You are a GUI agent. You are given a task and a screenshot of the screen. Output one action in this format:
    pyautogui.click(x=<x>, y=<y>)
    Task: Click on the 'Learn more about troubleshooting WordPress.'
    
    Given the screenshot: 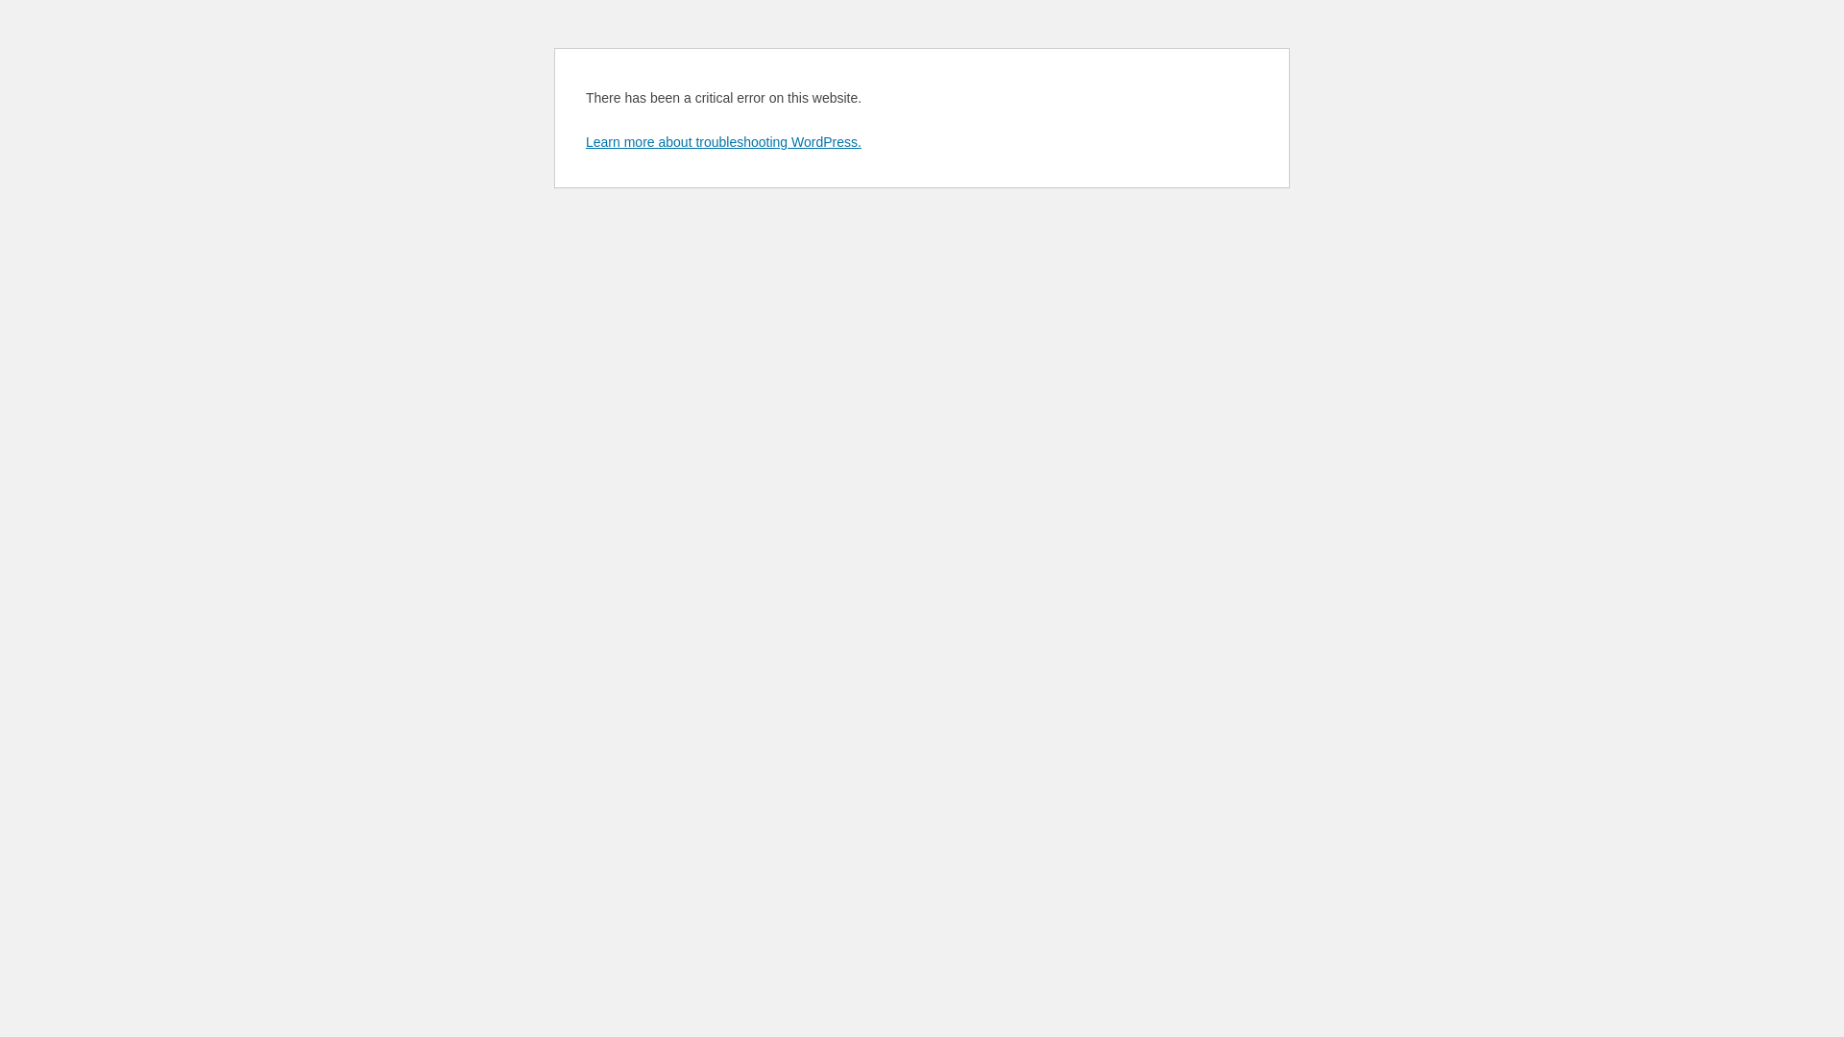 What is the action you would take?
    pyautogui.click(x=722, y=140)
    